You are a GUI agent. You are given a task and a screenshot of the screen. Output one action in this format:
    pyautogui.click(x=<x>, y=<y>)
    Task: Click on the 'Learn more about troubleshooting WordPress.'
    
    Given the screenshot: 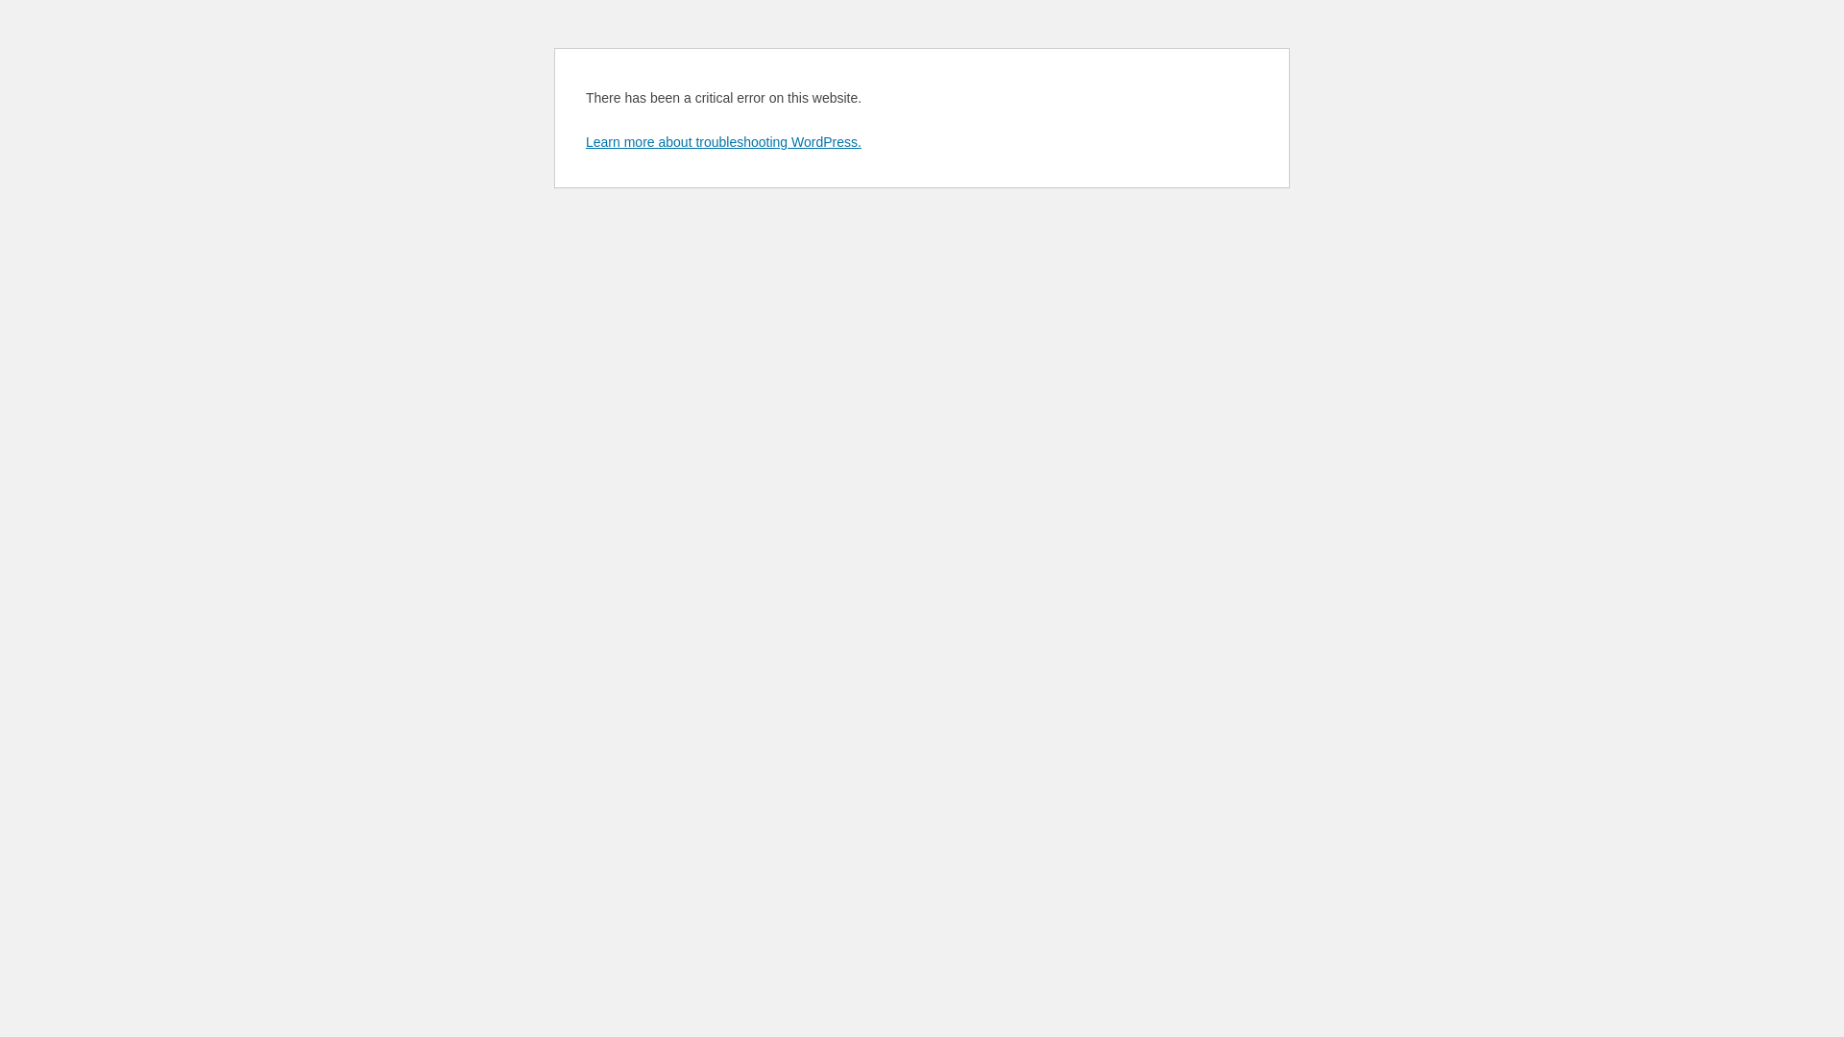 What is the action you would take?
    pyautogui.click(x=722, y=140)
    